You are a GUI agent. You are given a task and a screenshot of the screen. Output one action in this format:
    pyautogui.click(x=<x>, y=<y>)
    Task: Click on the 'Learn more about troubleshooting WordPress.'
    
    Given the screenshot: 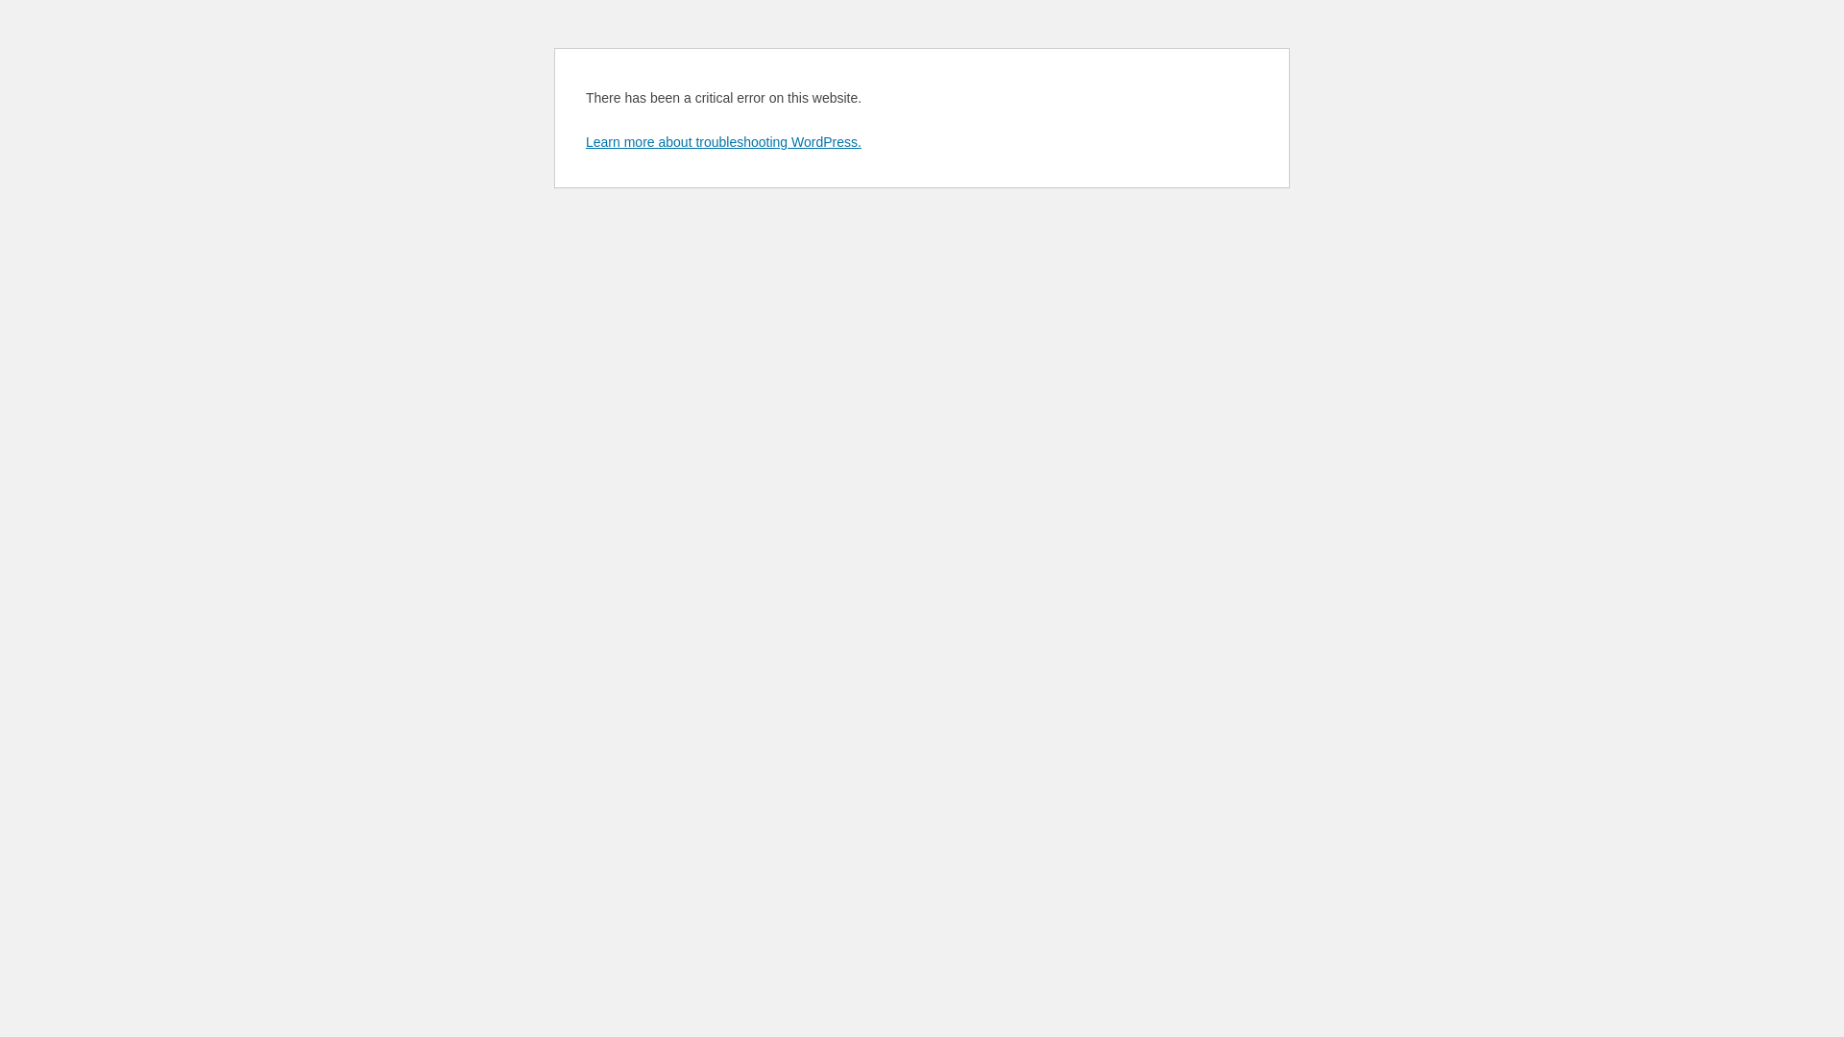 What is the action you would take?
    pyautogui.click(x=722, y=140)
    